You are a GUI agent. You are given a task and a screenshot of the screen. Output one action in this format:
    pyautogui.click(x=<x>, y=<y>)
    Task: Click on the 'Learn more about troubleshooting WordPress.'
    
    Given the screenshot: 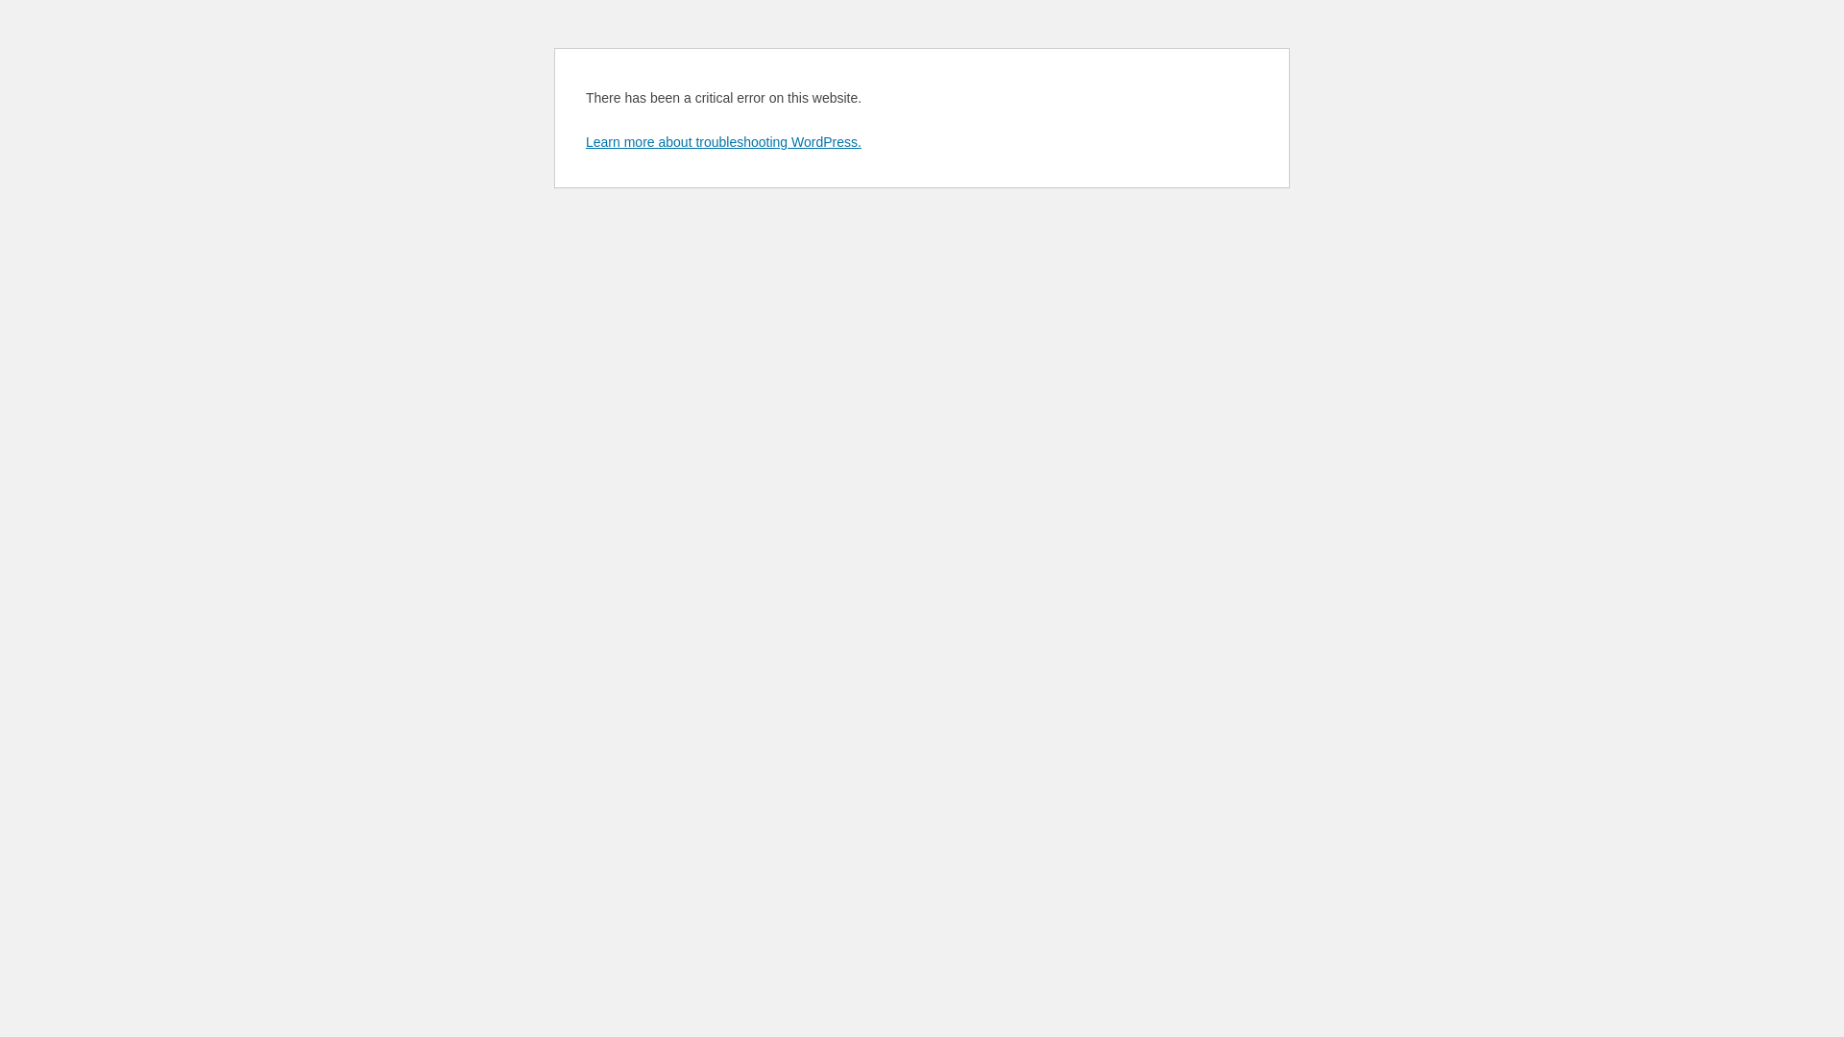 What is the action you would take?
    pyautogui.click(x=722, y=140)
    